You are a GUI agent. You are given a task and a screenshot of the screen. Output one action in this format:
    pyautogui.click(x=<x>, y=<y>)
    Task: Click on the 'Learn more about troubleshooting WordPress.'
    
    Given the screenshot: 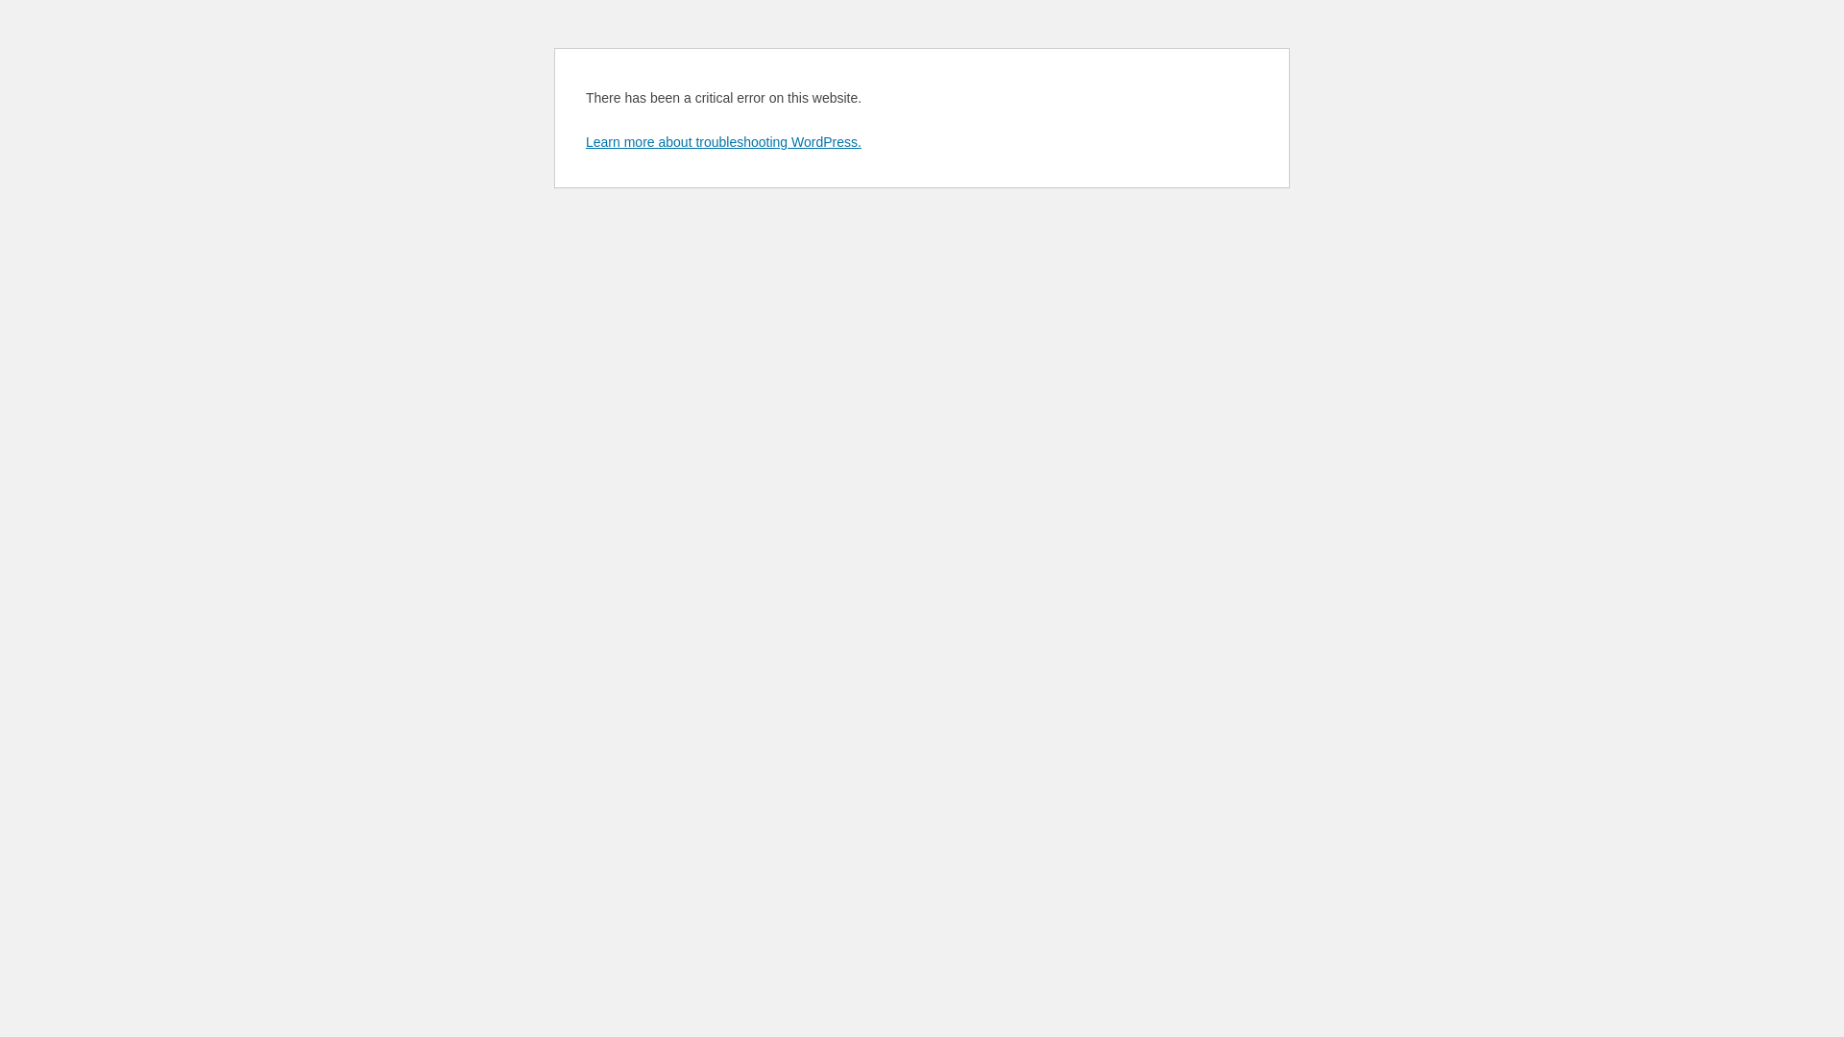 What is the action you would take?
    pyautogui.click(x=722, y=140)
    